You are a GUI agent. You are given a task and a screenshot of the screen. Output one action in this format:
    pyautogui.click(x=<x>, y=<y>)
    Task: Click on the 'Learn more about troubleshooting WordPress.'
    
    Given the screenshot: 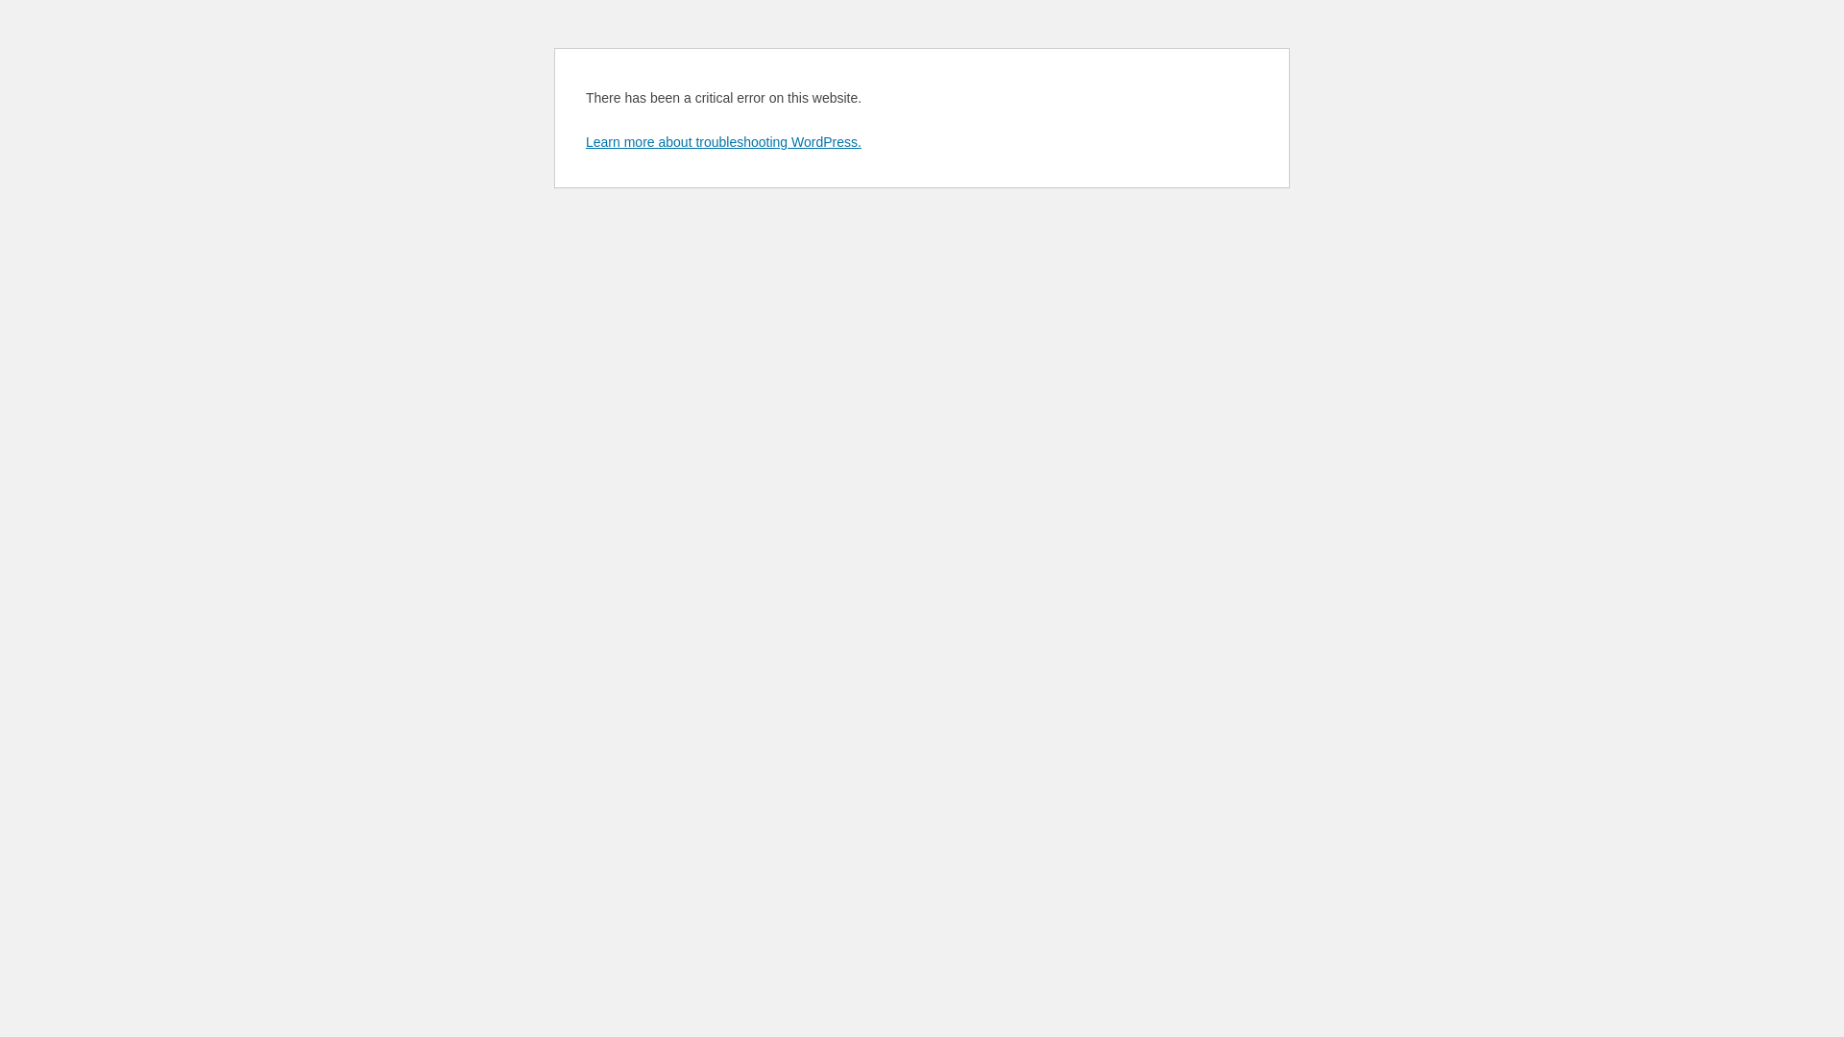 What is the action you would take?
    pyautogui.click(x=722, y=140)
    